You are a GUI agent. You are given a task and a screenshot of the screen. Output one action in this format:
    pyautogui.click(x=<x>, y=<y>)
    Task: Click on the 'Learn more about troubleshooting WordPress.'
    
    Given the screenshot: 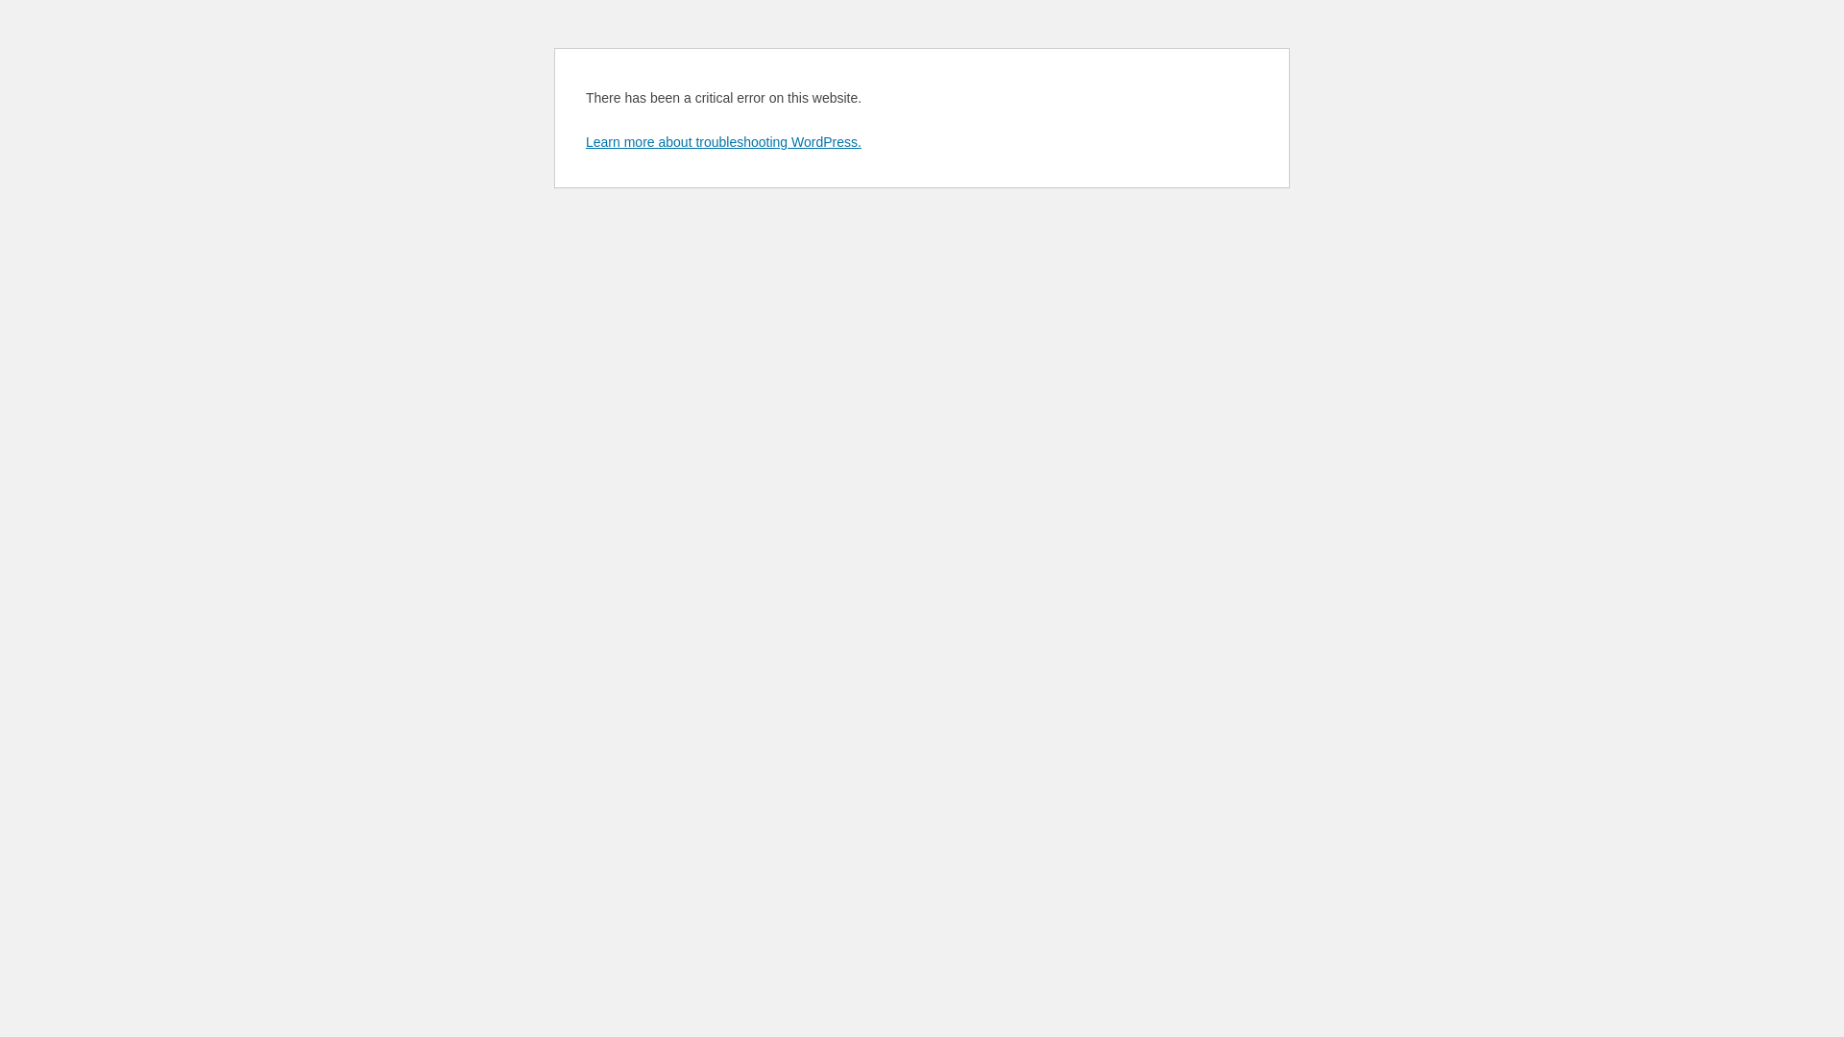 What is the action you would take?
    pyautogui.click(x=722, y=140)
    